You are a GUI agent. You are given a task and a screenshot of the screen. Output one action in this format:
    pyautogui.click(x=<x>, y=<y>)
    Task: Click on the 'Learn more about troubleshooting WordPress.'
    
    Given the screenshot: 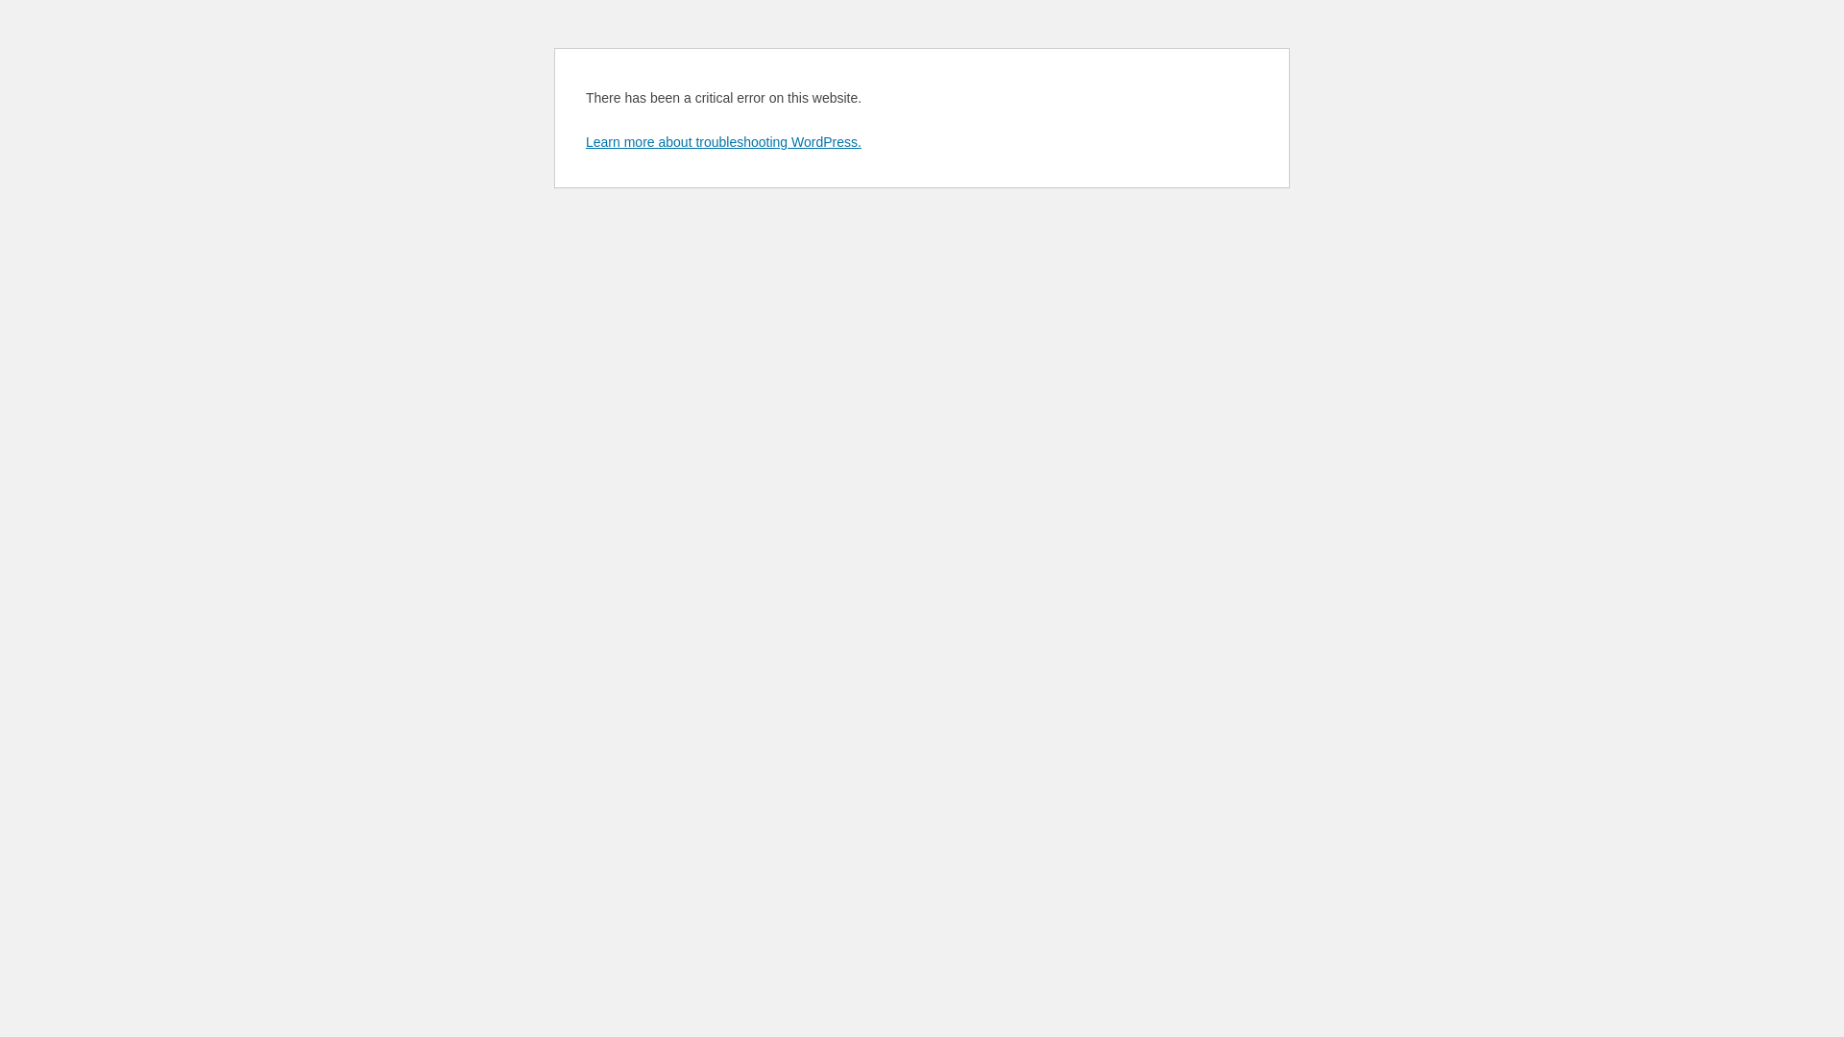 What is the action you would take?
    pyautogui.click(x=722, y=140)
    